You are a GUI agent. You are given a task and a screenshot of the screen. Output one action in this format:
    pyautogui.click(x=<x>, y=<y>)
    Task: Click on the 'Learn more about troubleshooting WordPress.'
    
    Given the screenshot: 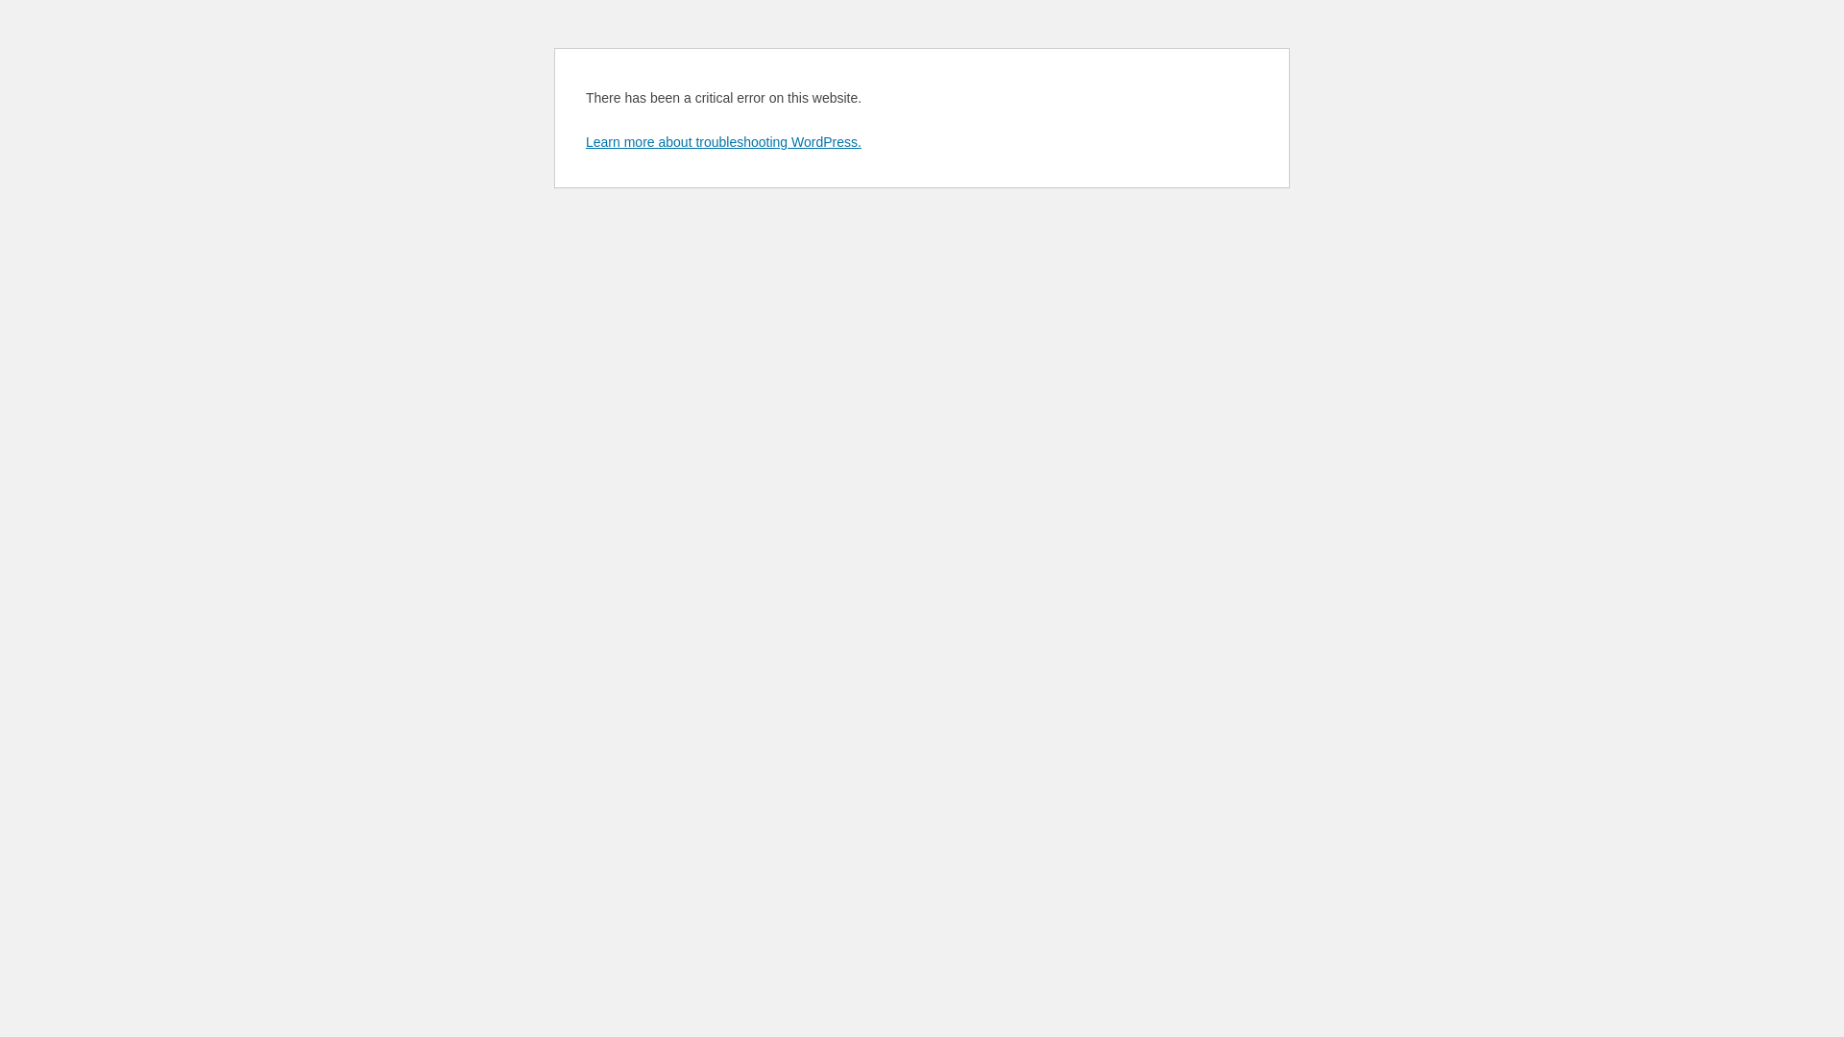 What is the action you would take?
    pyautogui.click(x=722, y=140)
    